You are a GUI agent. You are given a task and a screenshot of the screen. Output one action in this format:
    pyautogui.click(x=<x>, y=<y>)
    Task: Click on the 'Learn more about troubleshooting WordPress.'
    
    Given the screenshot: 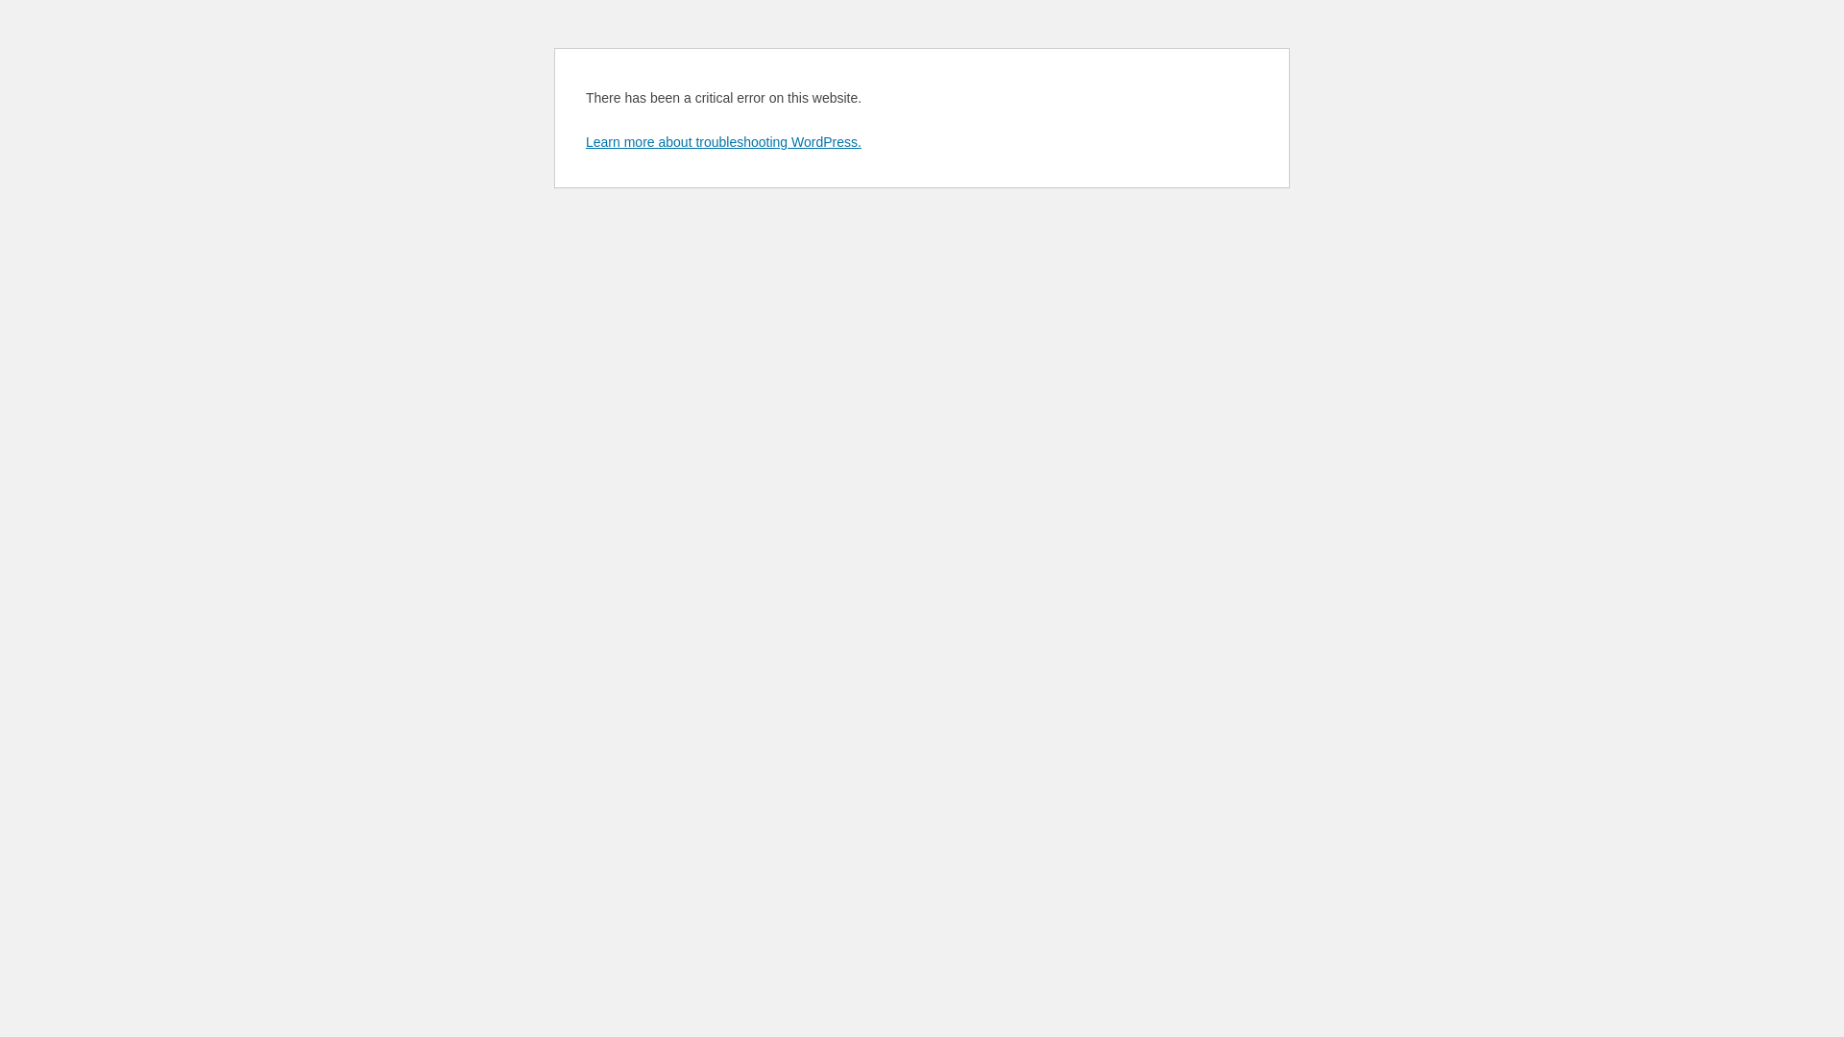 What is the action you would take?
    pyautogui.click(x=722, y=140)
    